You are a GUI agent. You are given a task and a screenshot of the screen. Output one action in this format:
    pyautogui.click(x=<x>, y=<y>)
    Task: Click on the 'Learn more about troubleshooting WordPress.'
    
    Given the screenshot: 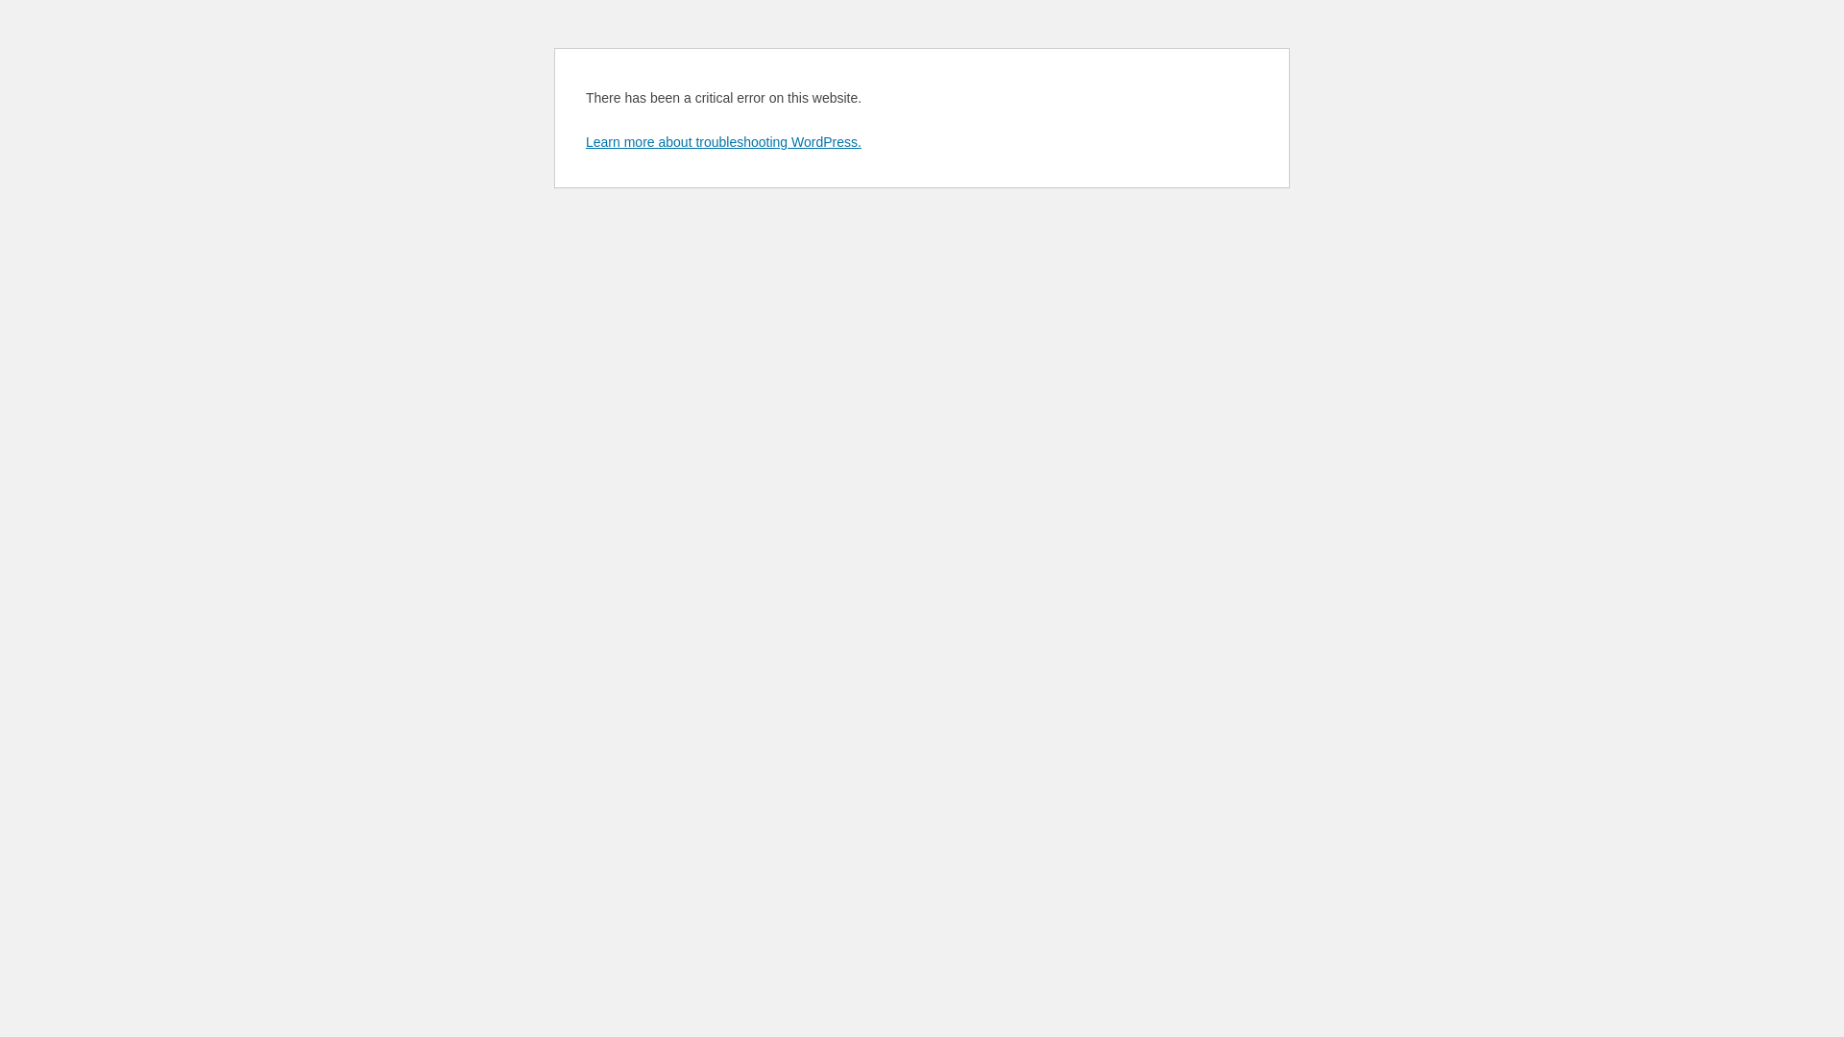 What is the action you would take?
    pyautogui.click(x=722, y=140)
    